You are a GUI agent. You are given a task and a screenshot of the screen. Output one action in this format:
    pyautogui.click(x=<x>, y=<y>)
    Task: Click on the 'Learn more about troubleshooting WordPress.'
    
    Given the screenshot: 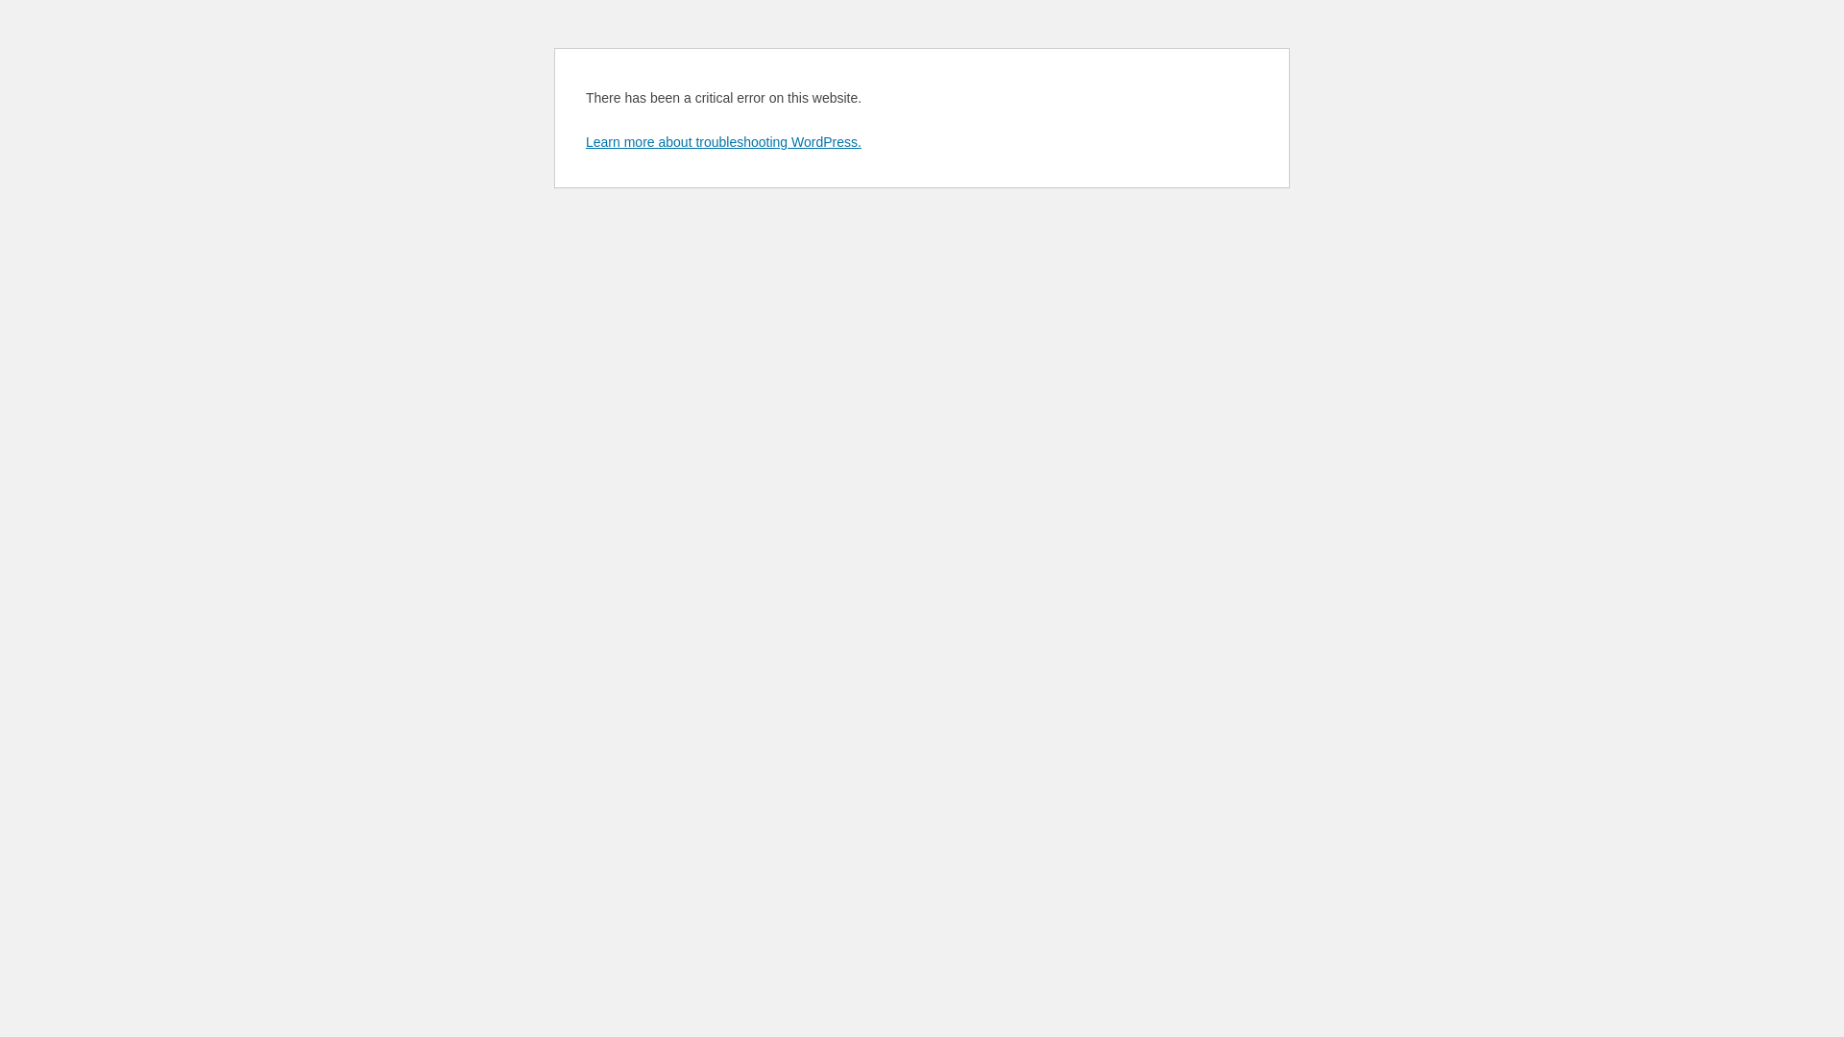 What is the action you would take?
    pyautogui.click(x=722, y=140)
    